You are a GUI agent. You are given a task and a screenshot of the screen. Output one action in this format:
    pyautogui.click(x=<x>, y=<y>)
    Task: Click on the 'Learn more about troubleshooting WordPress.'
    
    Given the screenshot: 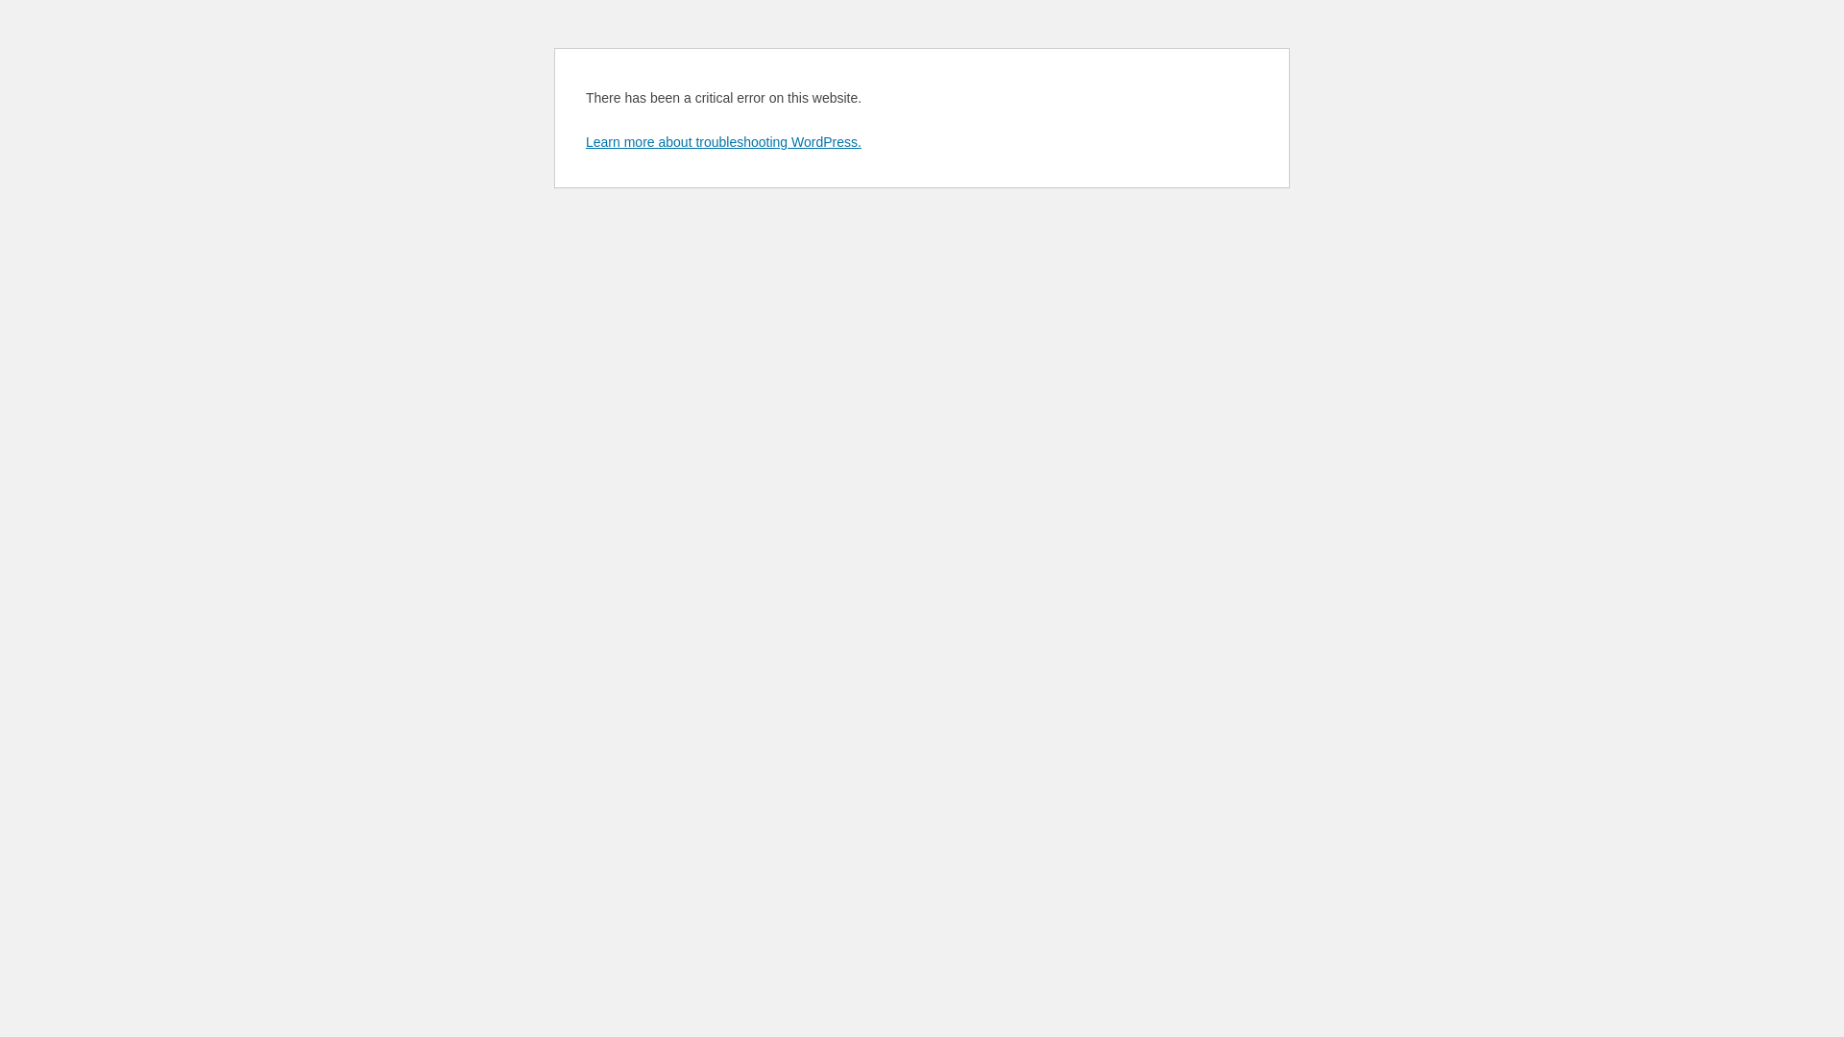 What is the action you would take?
    pyautogui.click(x=722, y=140)
    